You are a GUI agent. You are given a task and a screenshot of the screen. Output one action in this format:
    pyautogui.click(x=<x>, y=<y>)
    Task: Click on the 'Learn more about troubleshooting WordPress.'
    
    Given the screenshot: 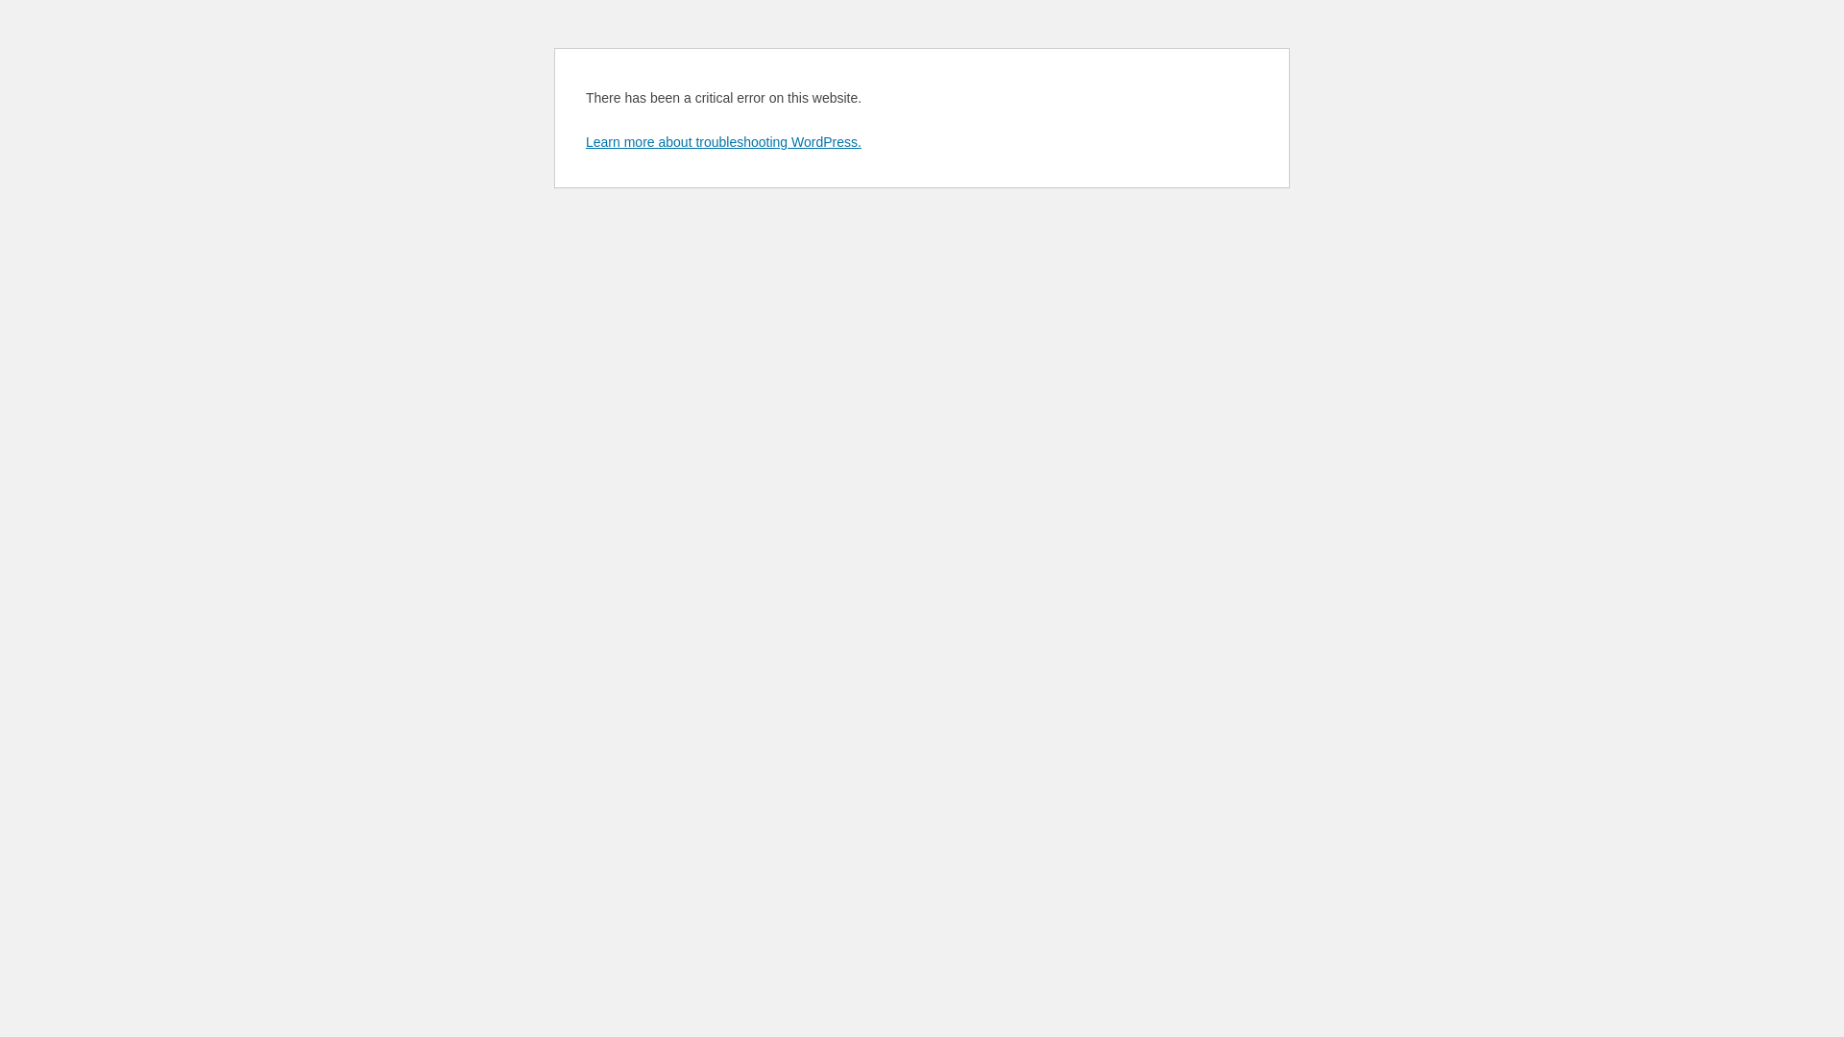 What is the action you would take?
    pyautogui.click(x=722, y=140)
    